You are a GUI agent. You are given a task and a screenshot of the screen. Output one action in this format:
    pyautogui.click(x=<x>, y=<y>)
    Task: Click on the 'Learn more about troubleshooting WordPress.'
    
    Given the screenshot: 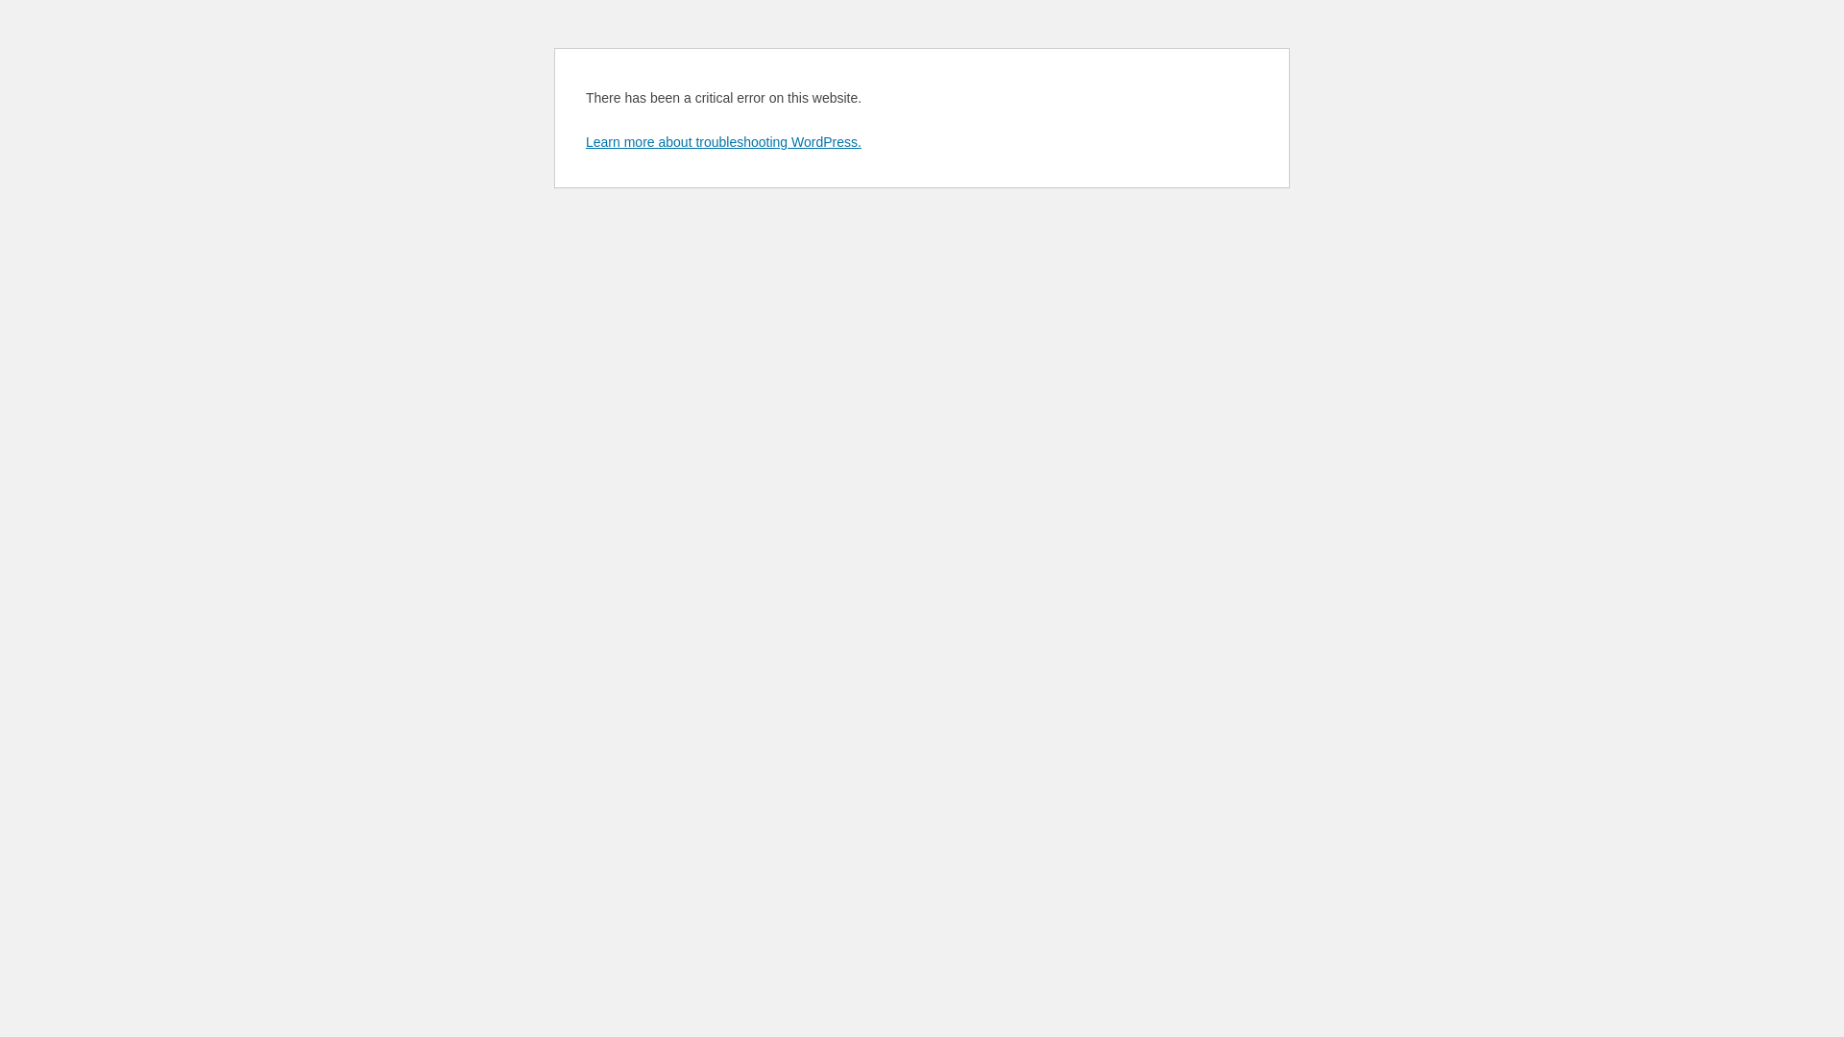 What is the action you would take?
    pyautogui.click(x=722, y=140)
    